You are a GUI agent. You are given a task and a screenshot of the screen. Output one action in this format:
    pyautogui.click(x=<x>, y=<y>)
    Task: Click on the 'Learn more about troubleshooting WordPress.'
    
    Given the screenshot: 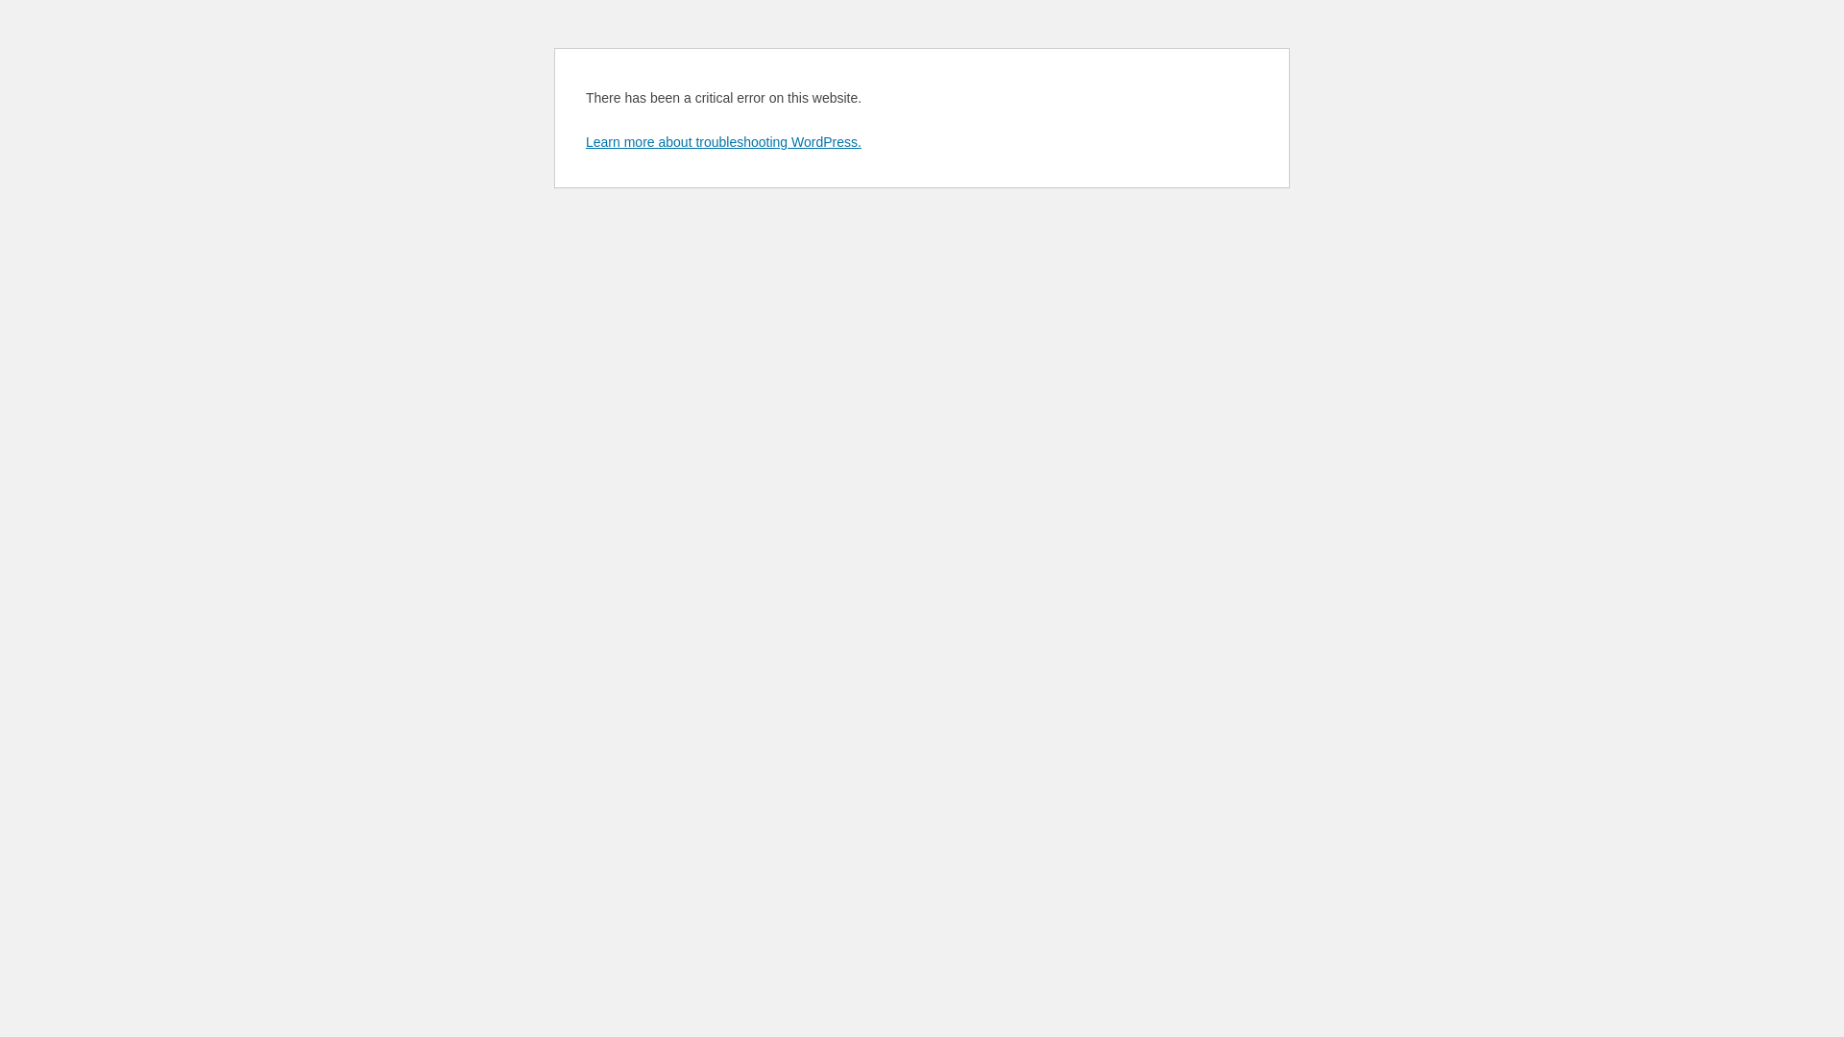 What is the action you would take?
    pyautogui.click(x=722, y=140)
    